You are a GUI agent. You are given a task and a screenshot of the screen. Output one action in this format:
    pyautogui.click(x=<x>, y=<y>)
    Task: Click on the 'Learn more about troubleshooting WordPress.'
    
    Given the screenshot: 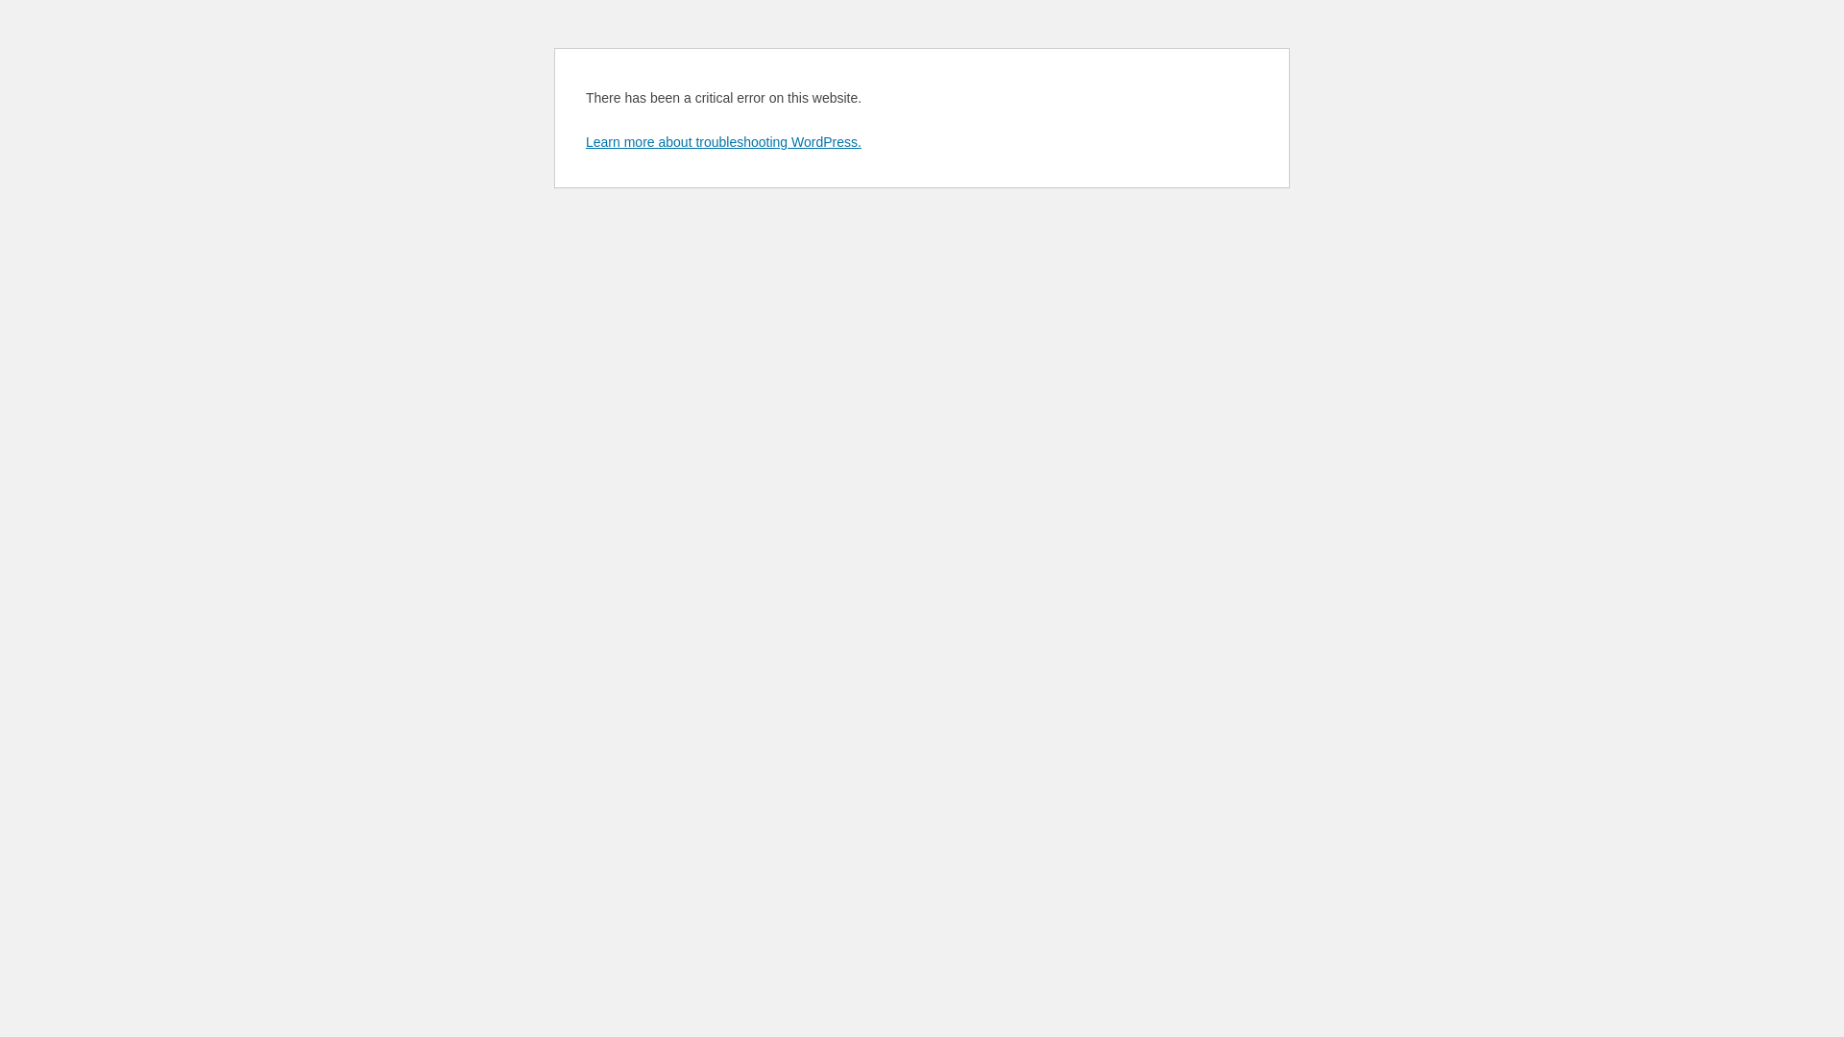 What is the action you would take?
    pyautogui.click(x=722, y=140)
    